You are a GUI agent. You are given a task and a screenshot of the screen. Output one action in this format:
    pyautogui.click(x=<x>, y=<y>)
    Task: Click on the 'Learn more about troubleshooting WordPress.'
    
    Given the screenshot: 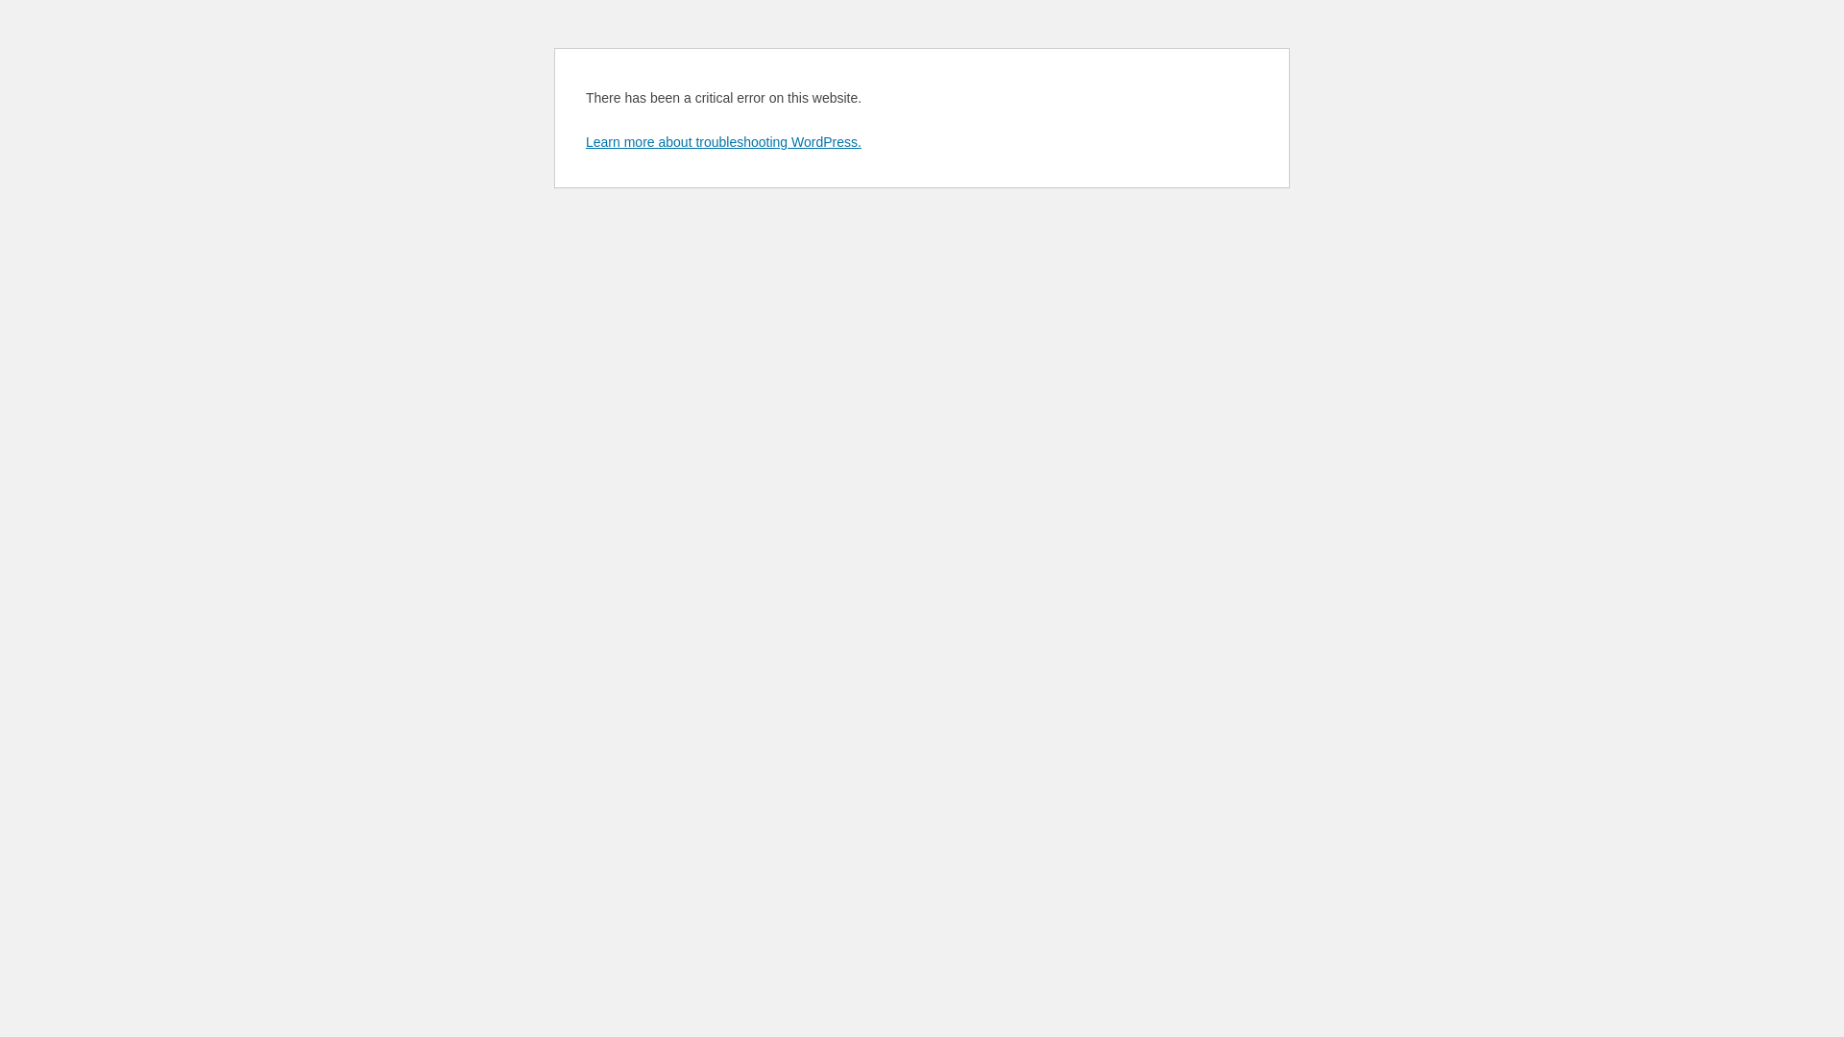 What is the action you would take?
    pyautogui.click(x=722, y=140)
    